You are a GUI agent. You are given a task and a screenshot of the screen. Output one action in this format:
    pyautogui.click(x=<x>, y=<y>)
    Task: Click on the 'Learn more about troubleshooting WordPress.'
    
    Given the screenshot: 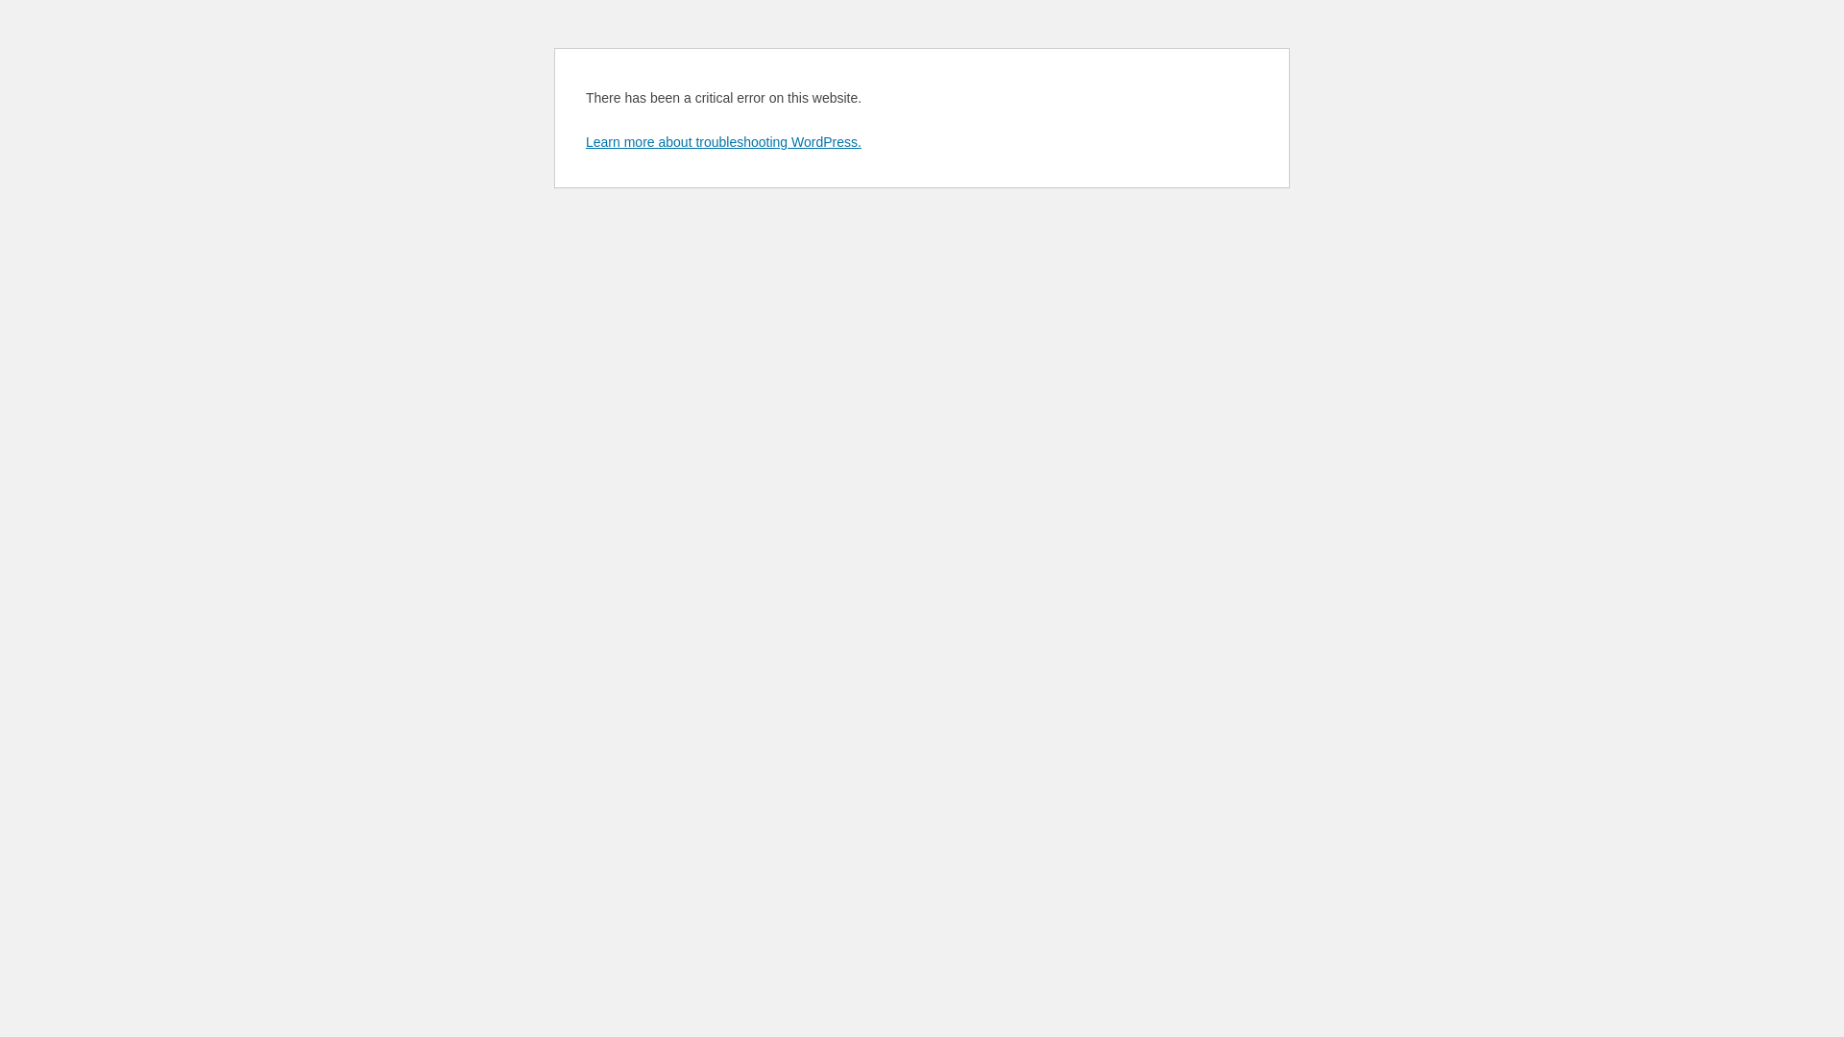 What is the action you would take?
    pyautogui.click(x=722, y=140)
    